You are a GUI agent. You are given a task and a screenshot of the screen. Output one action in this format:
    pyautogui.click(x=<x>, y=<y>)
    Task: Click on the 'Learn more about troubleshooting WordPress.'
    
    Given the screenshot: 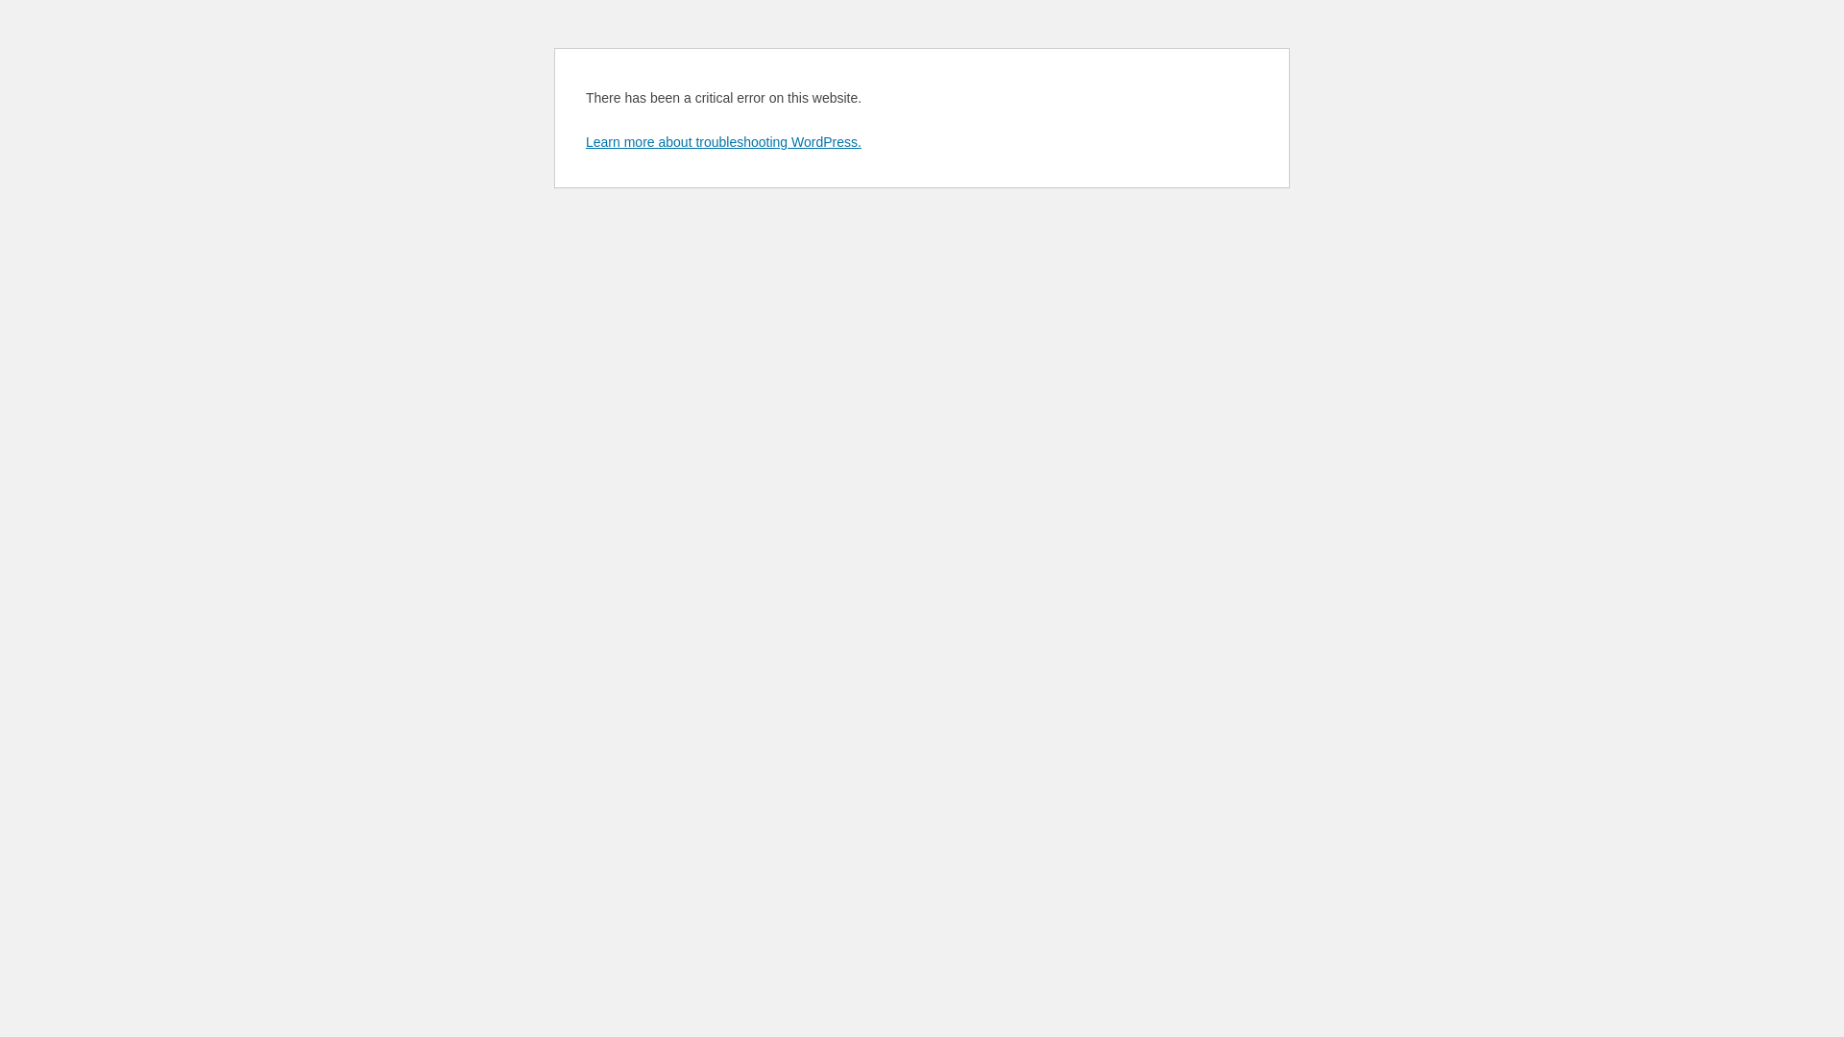 What is the action you would take?
    pyautogui.click(x=722, y=140)
    